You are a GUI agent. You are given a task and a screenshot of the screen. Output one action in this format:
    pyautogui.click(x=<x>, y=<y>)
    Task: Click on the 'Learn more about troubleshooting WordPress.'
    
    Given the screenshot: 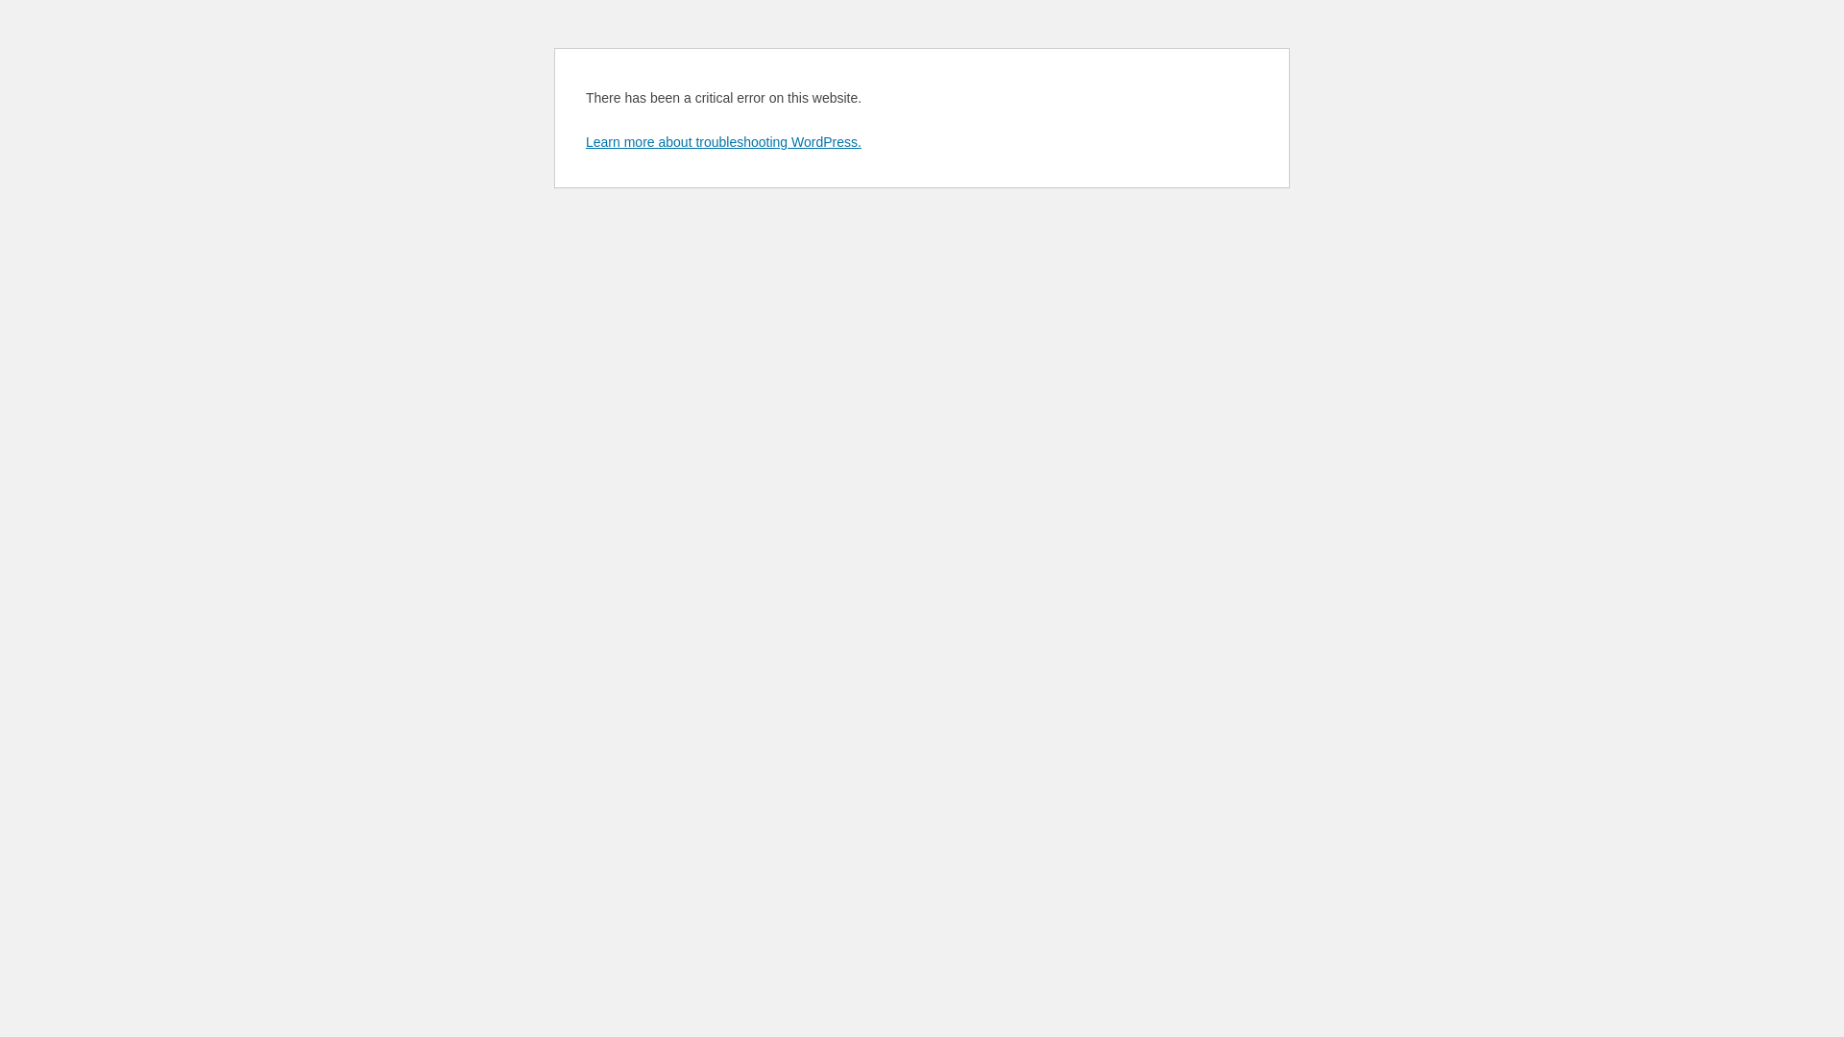 What is the action you would take?
    pyautogui.click(x=722, y=140)
    